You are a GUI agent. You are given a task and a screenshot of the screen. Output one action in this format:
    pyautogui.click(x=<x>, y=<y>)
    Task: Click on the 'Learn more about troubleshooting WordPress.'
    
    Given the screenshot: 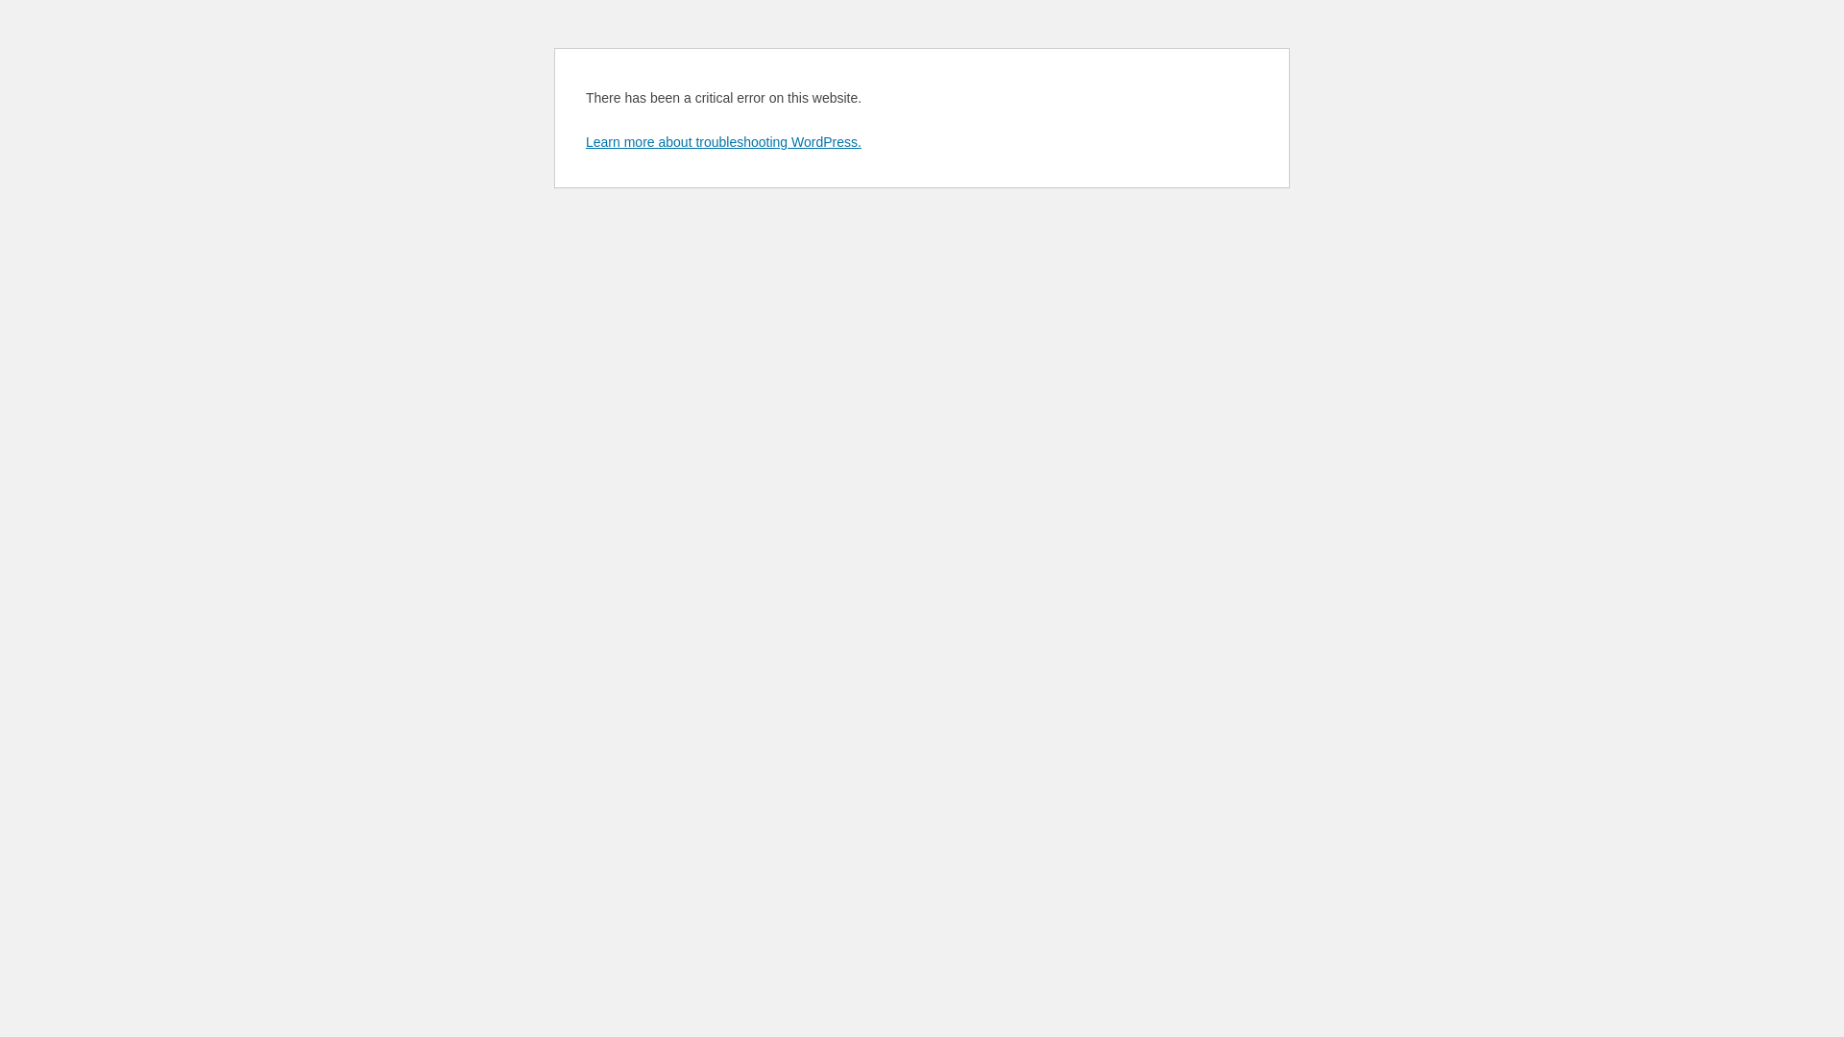 What is the action you would take?
    pyautogui.click(x=722, y=140)
    